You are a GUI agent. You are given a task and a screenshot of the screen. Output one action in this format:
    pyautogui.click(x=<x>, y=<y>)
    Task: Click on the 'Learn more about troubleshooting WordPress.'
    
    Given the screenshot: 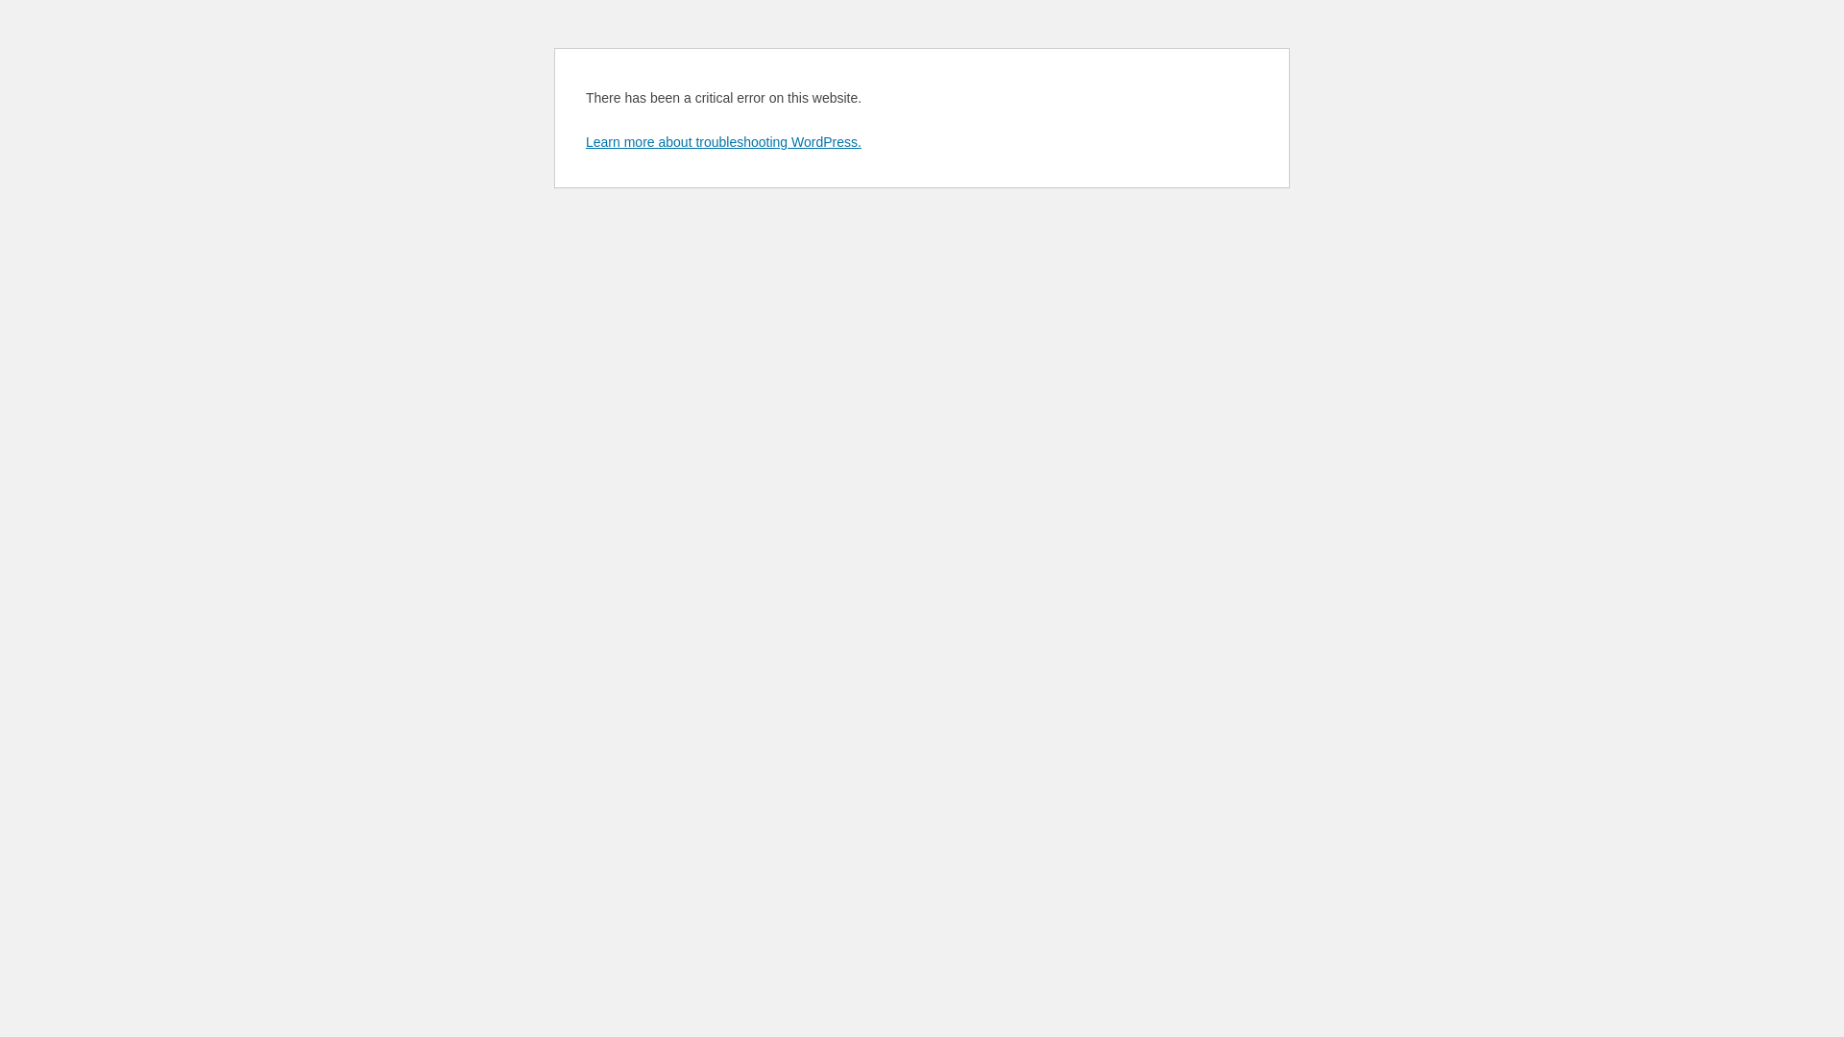 What is the action you would take?
    pyautogui.click(x=722, y=140)
    